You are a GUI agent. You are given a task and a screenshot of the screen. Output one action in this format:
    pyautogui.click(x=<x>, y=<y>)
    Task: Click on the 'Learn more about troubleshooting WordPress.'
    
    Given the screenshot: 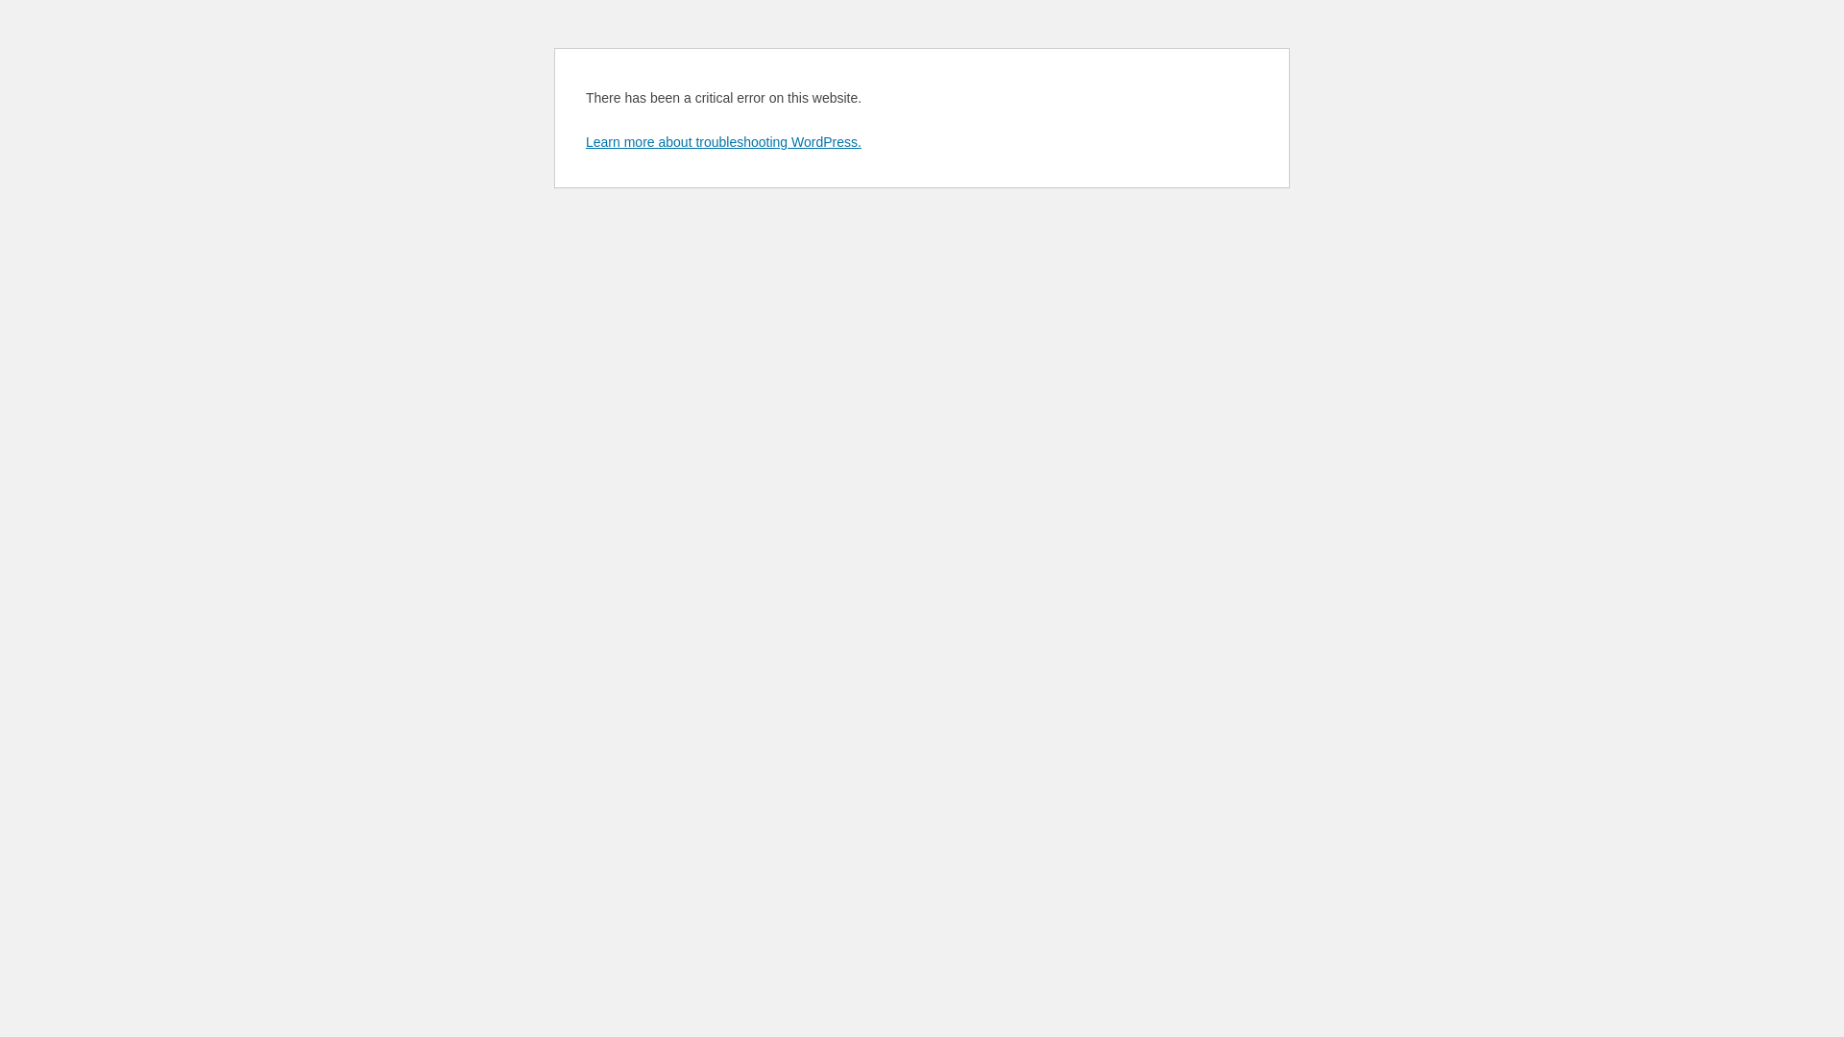 What is the action you would take?
    pyautogui.click(x=722, y=140)
    